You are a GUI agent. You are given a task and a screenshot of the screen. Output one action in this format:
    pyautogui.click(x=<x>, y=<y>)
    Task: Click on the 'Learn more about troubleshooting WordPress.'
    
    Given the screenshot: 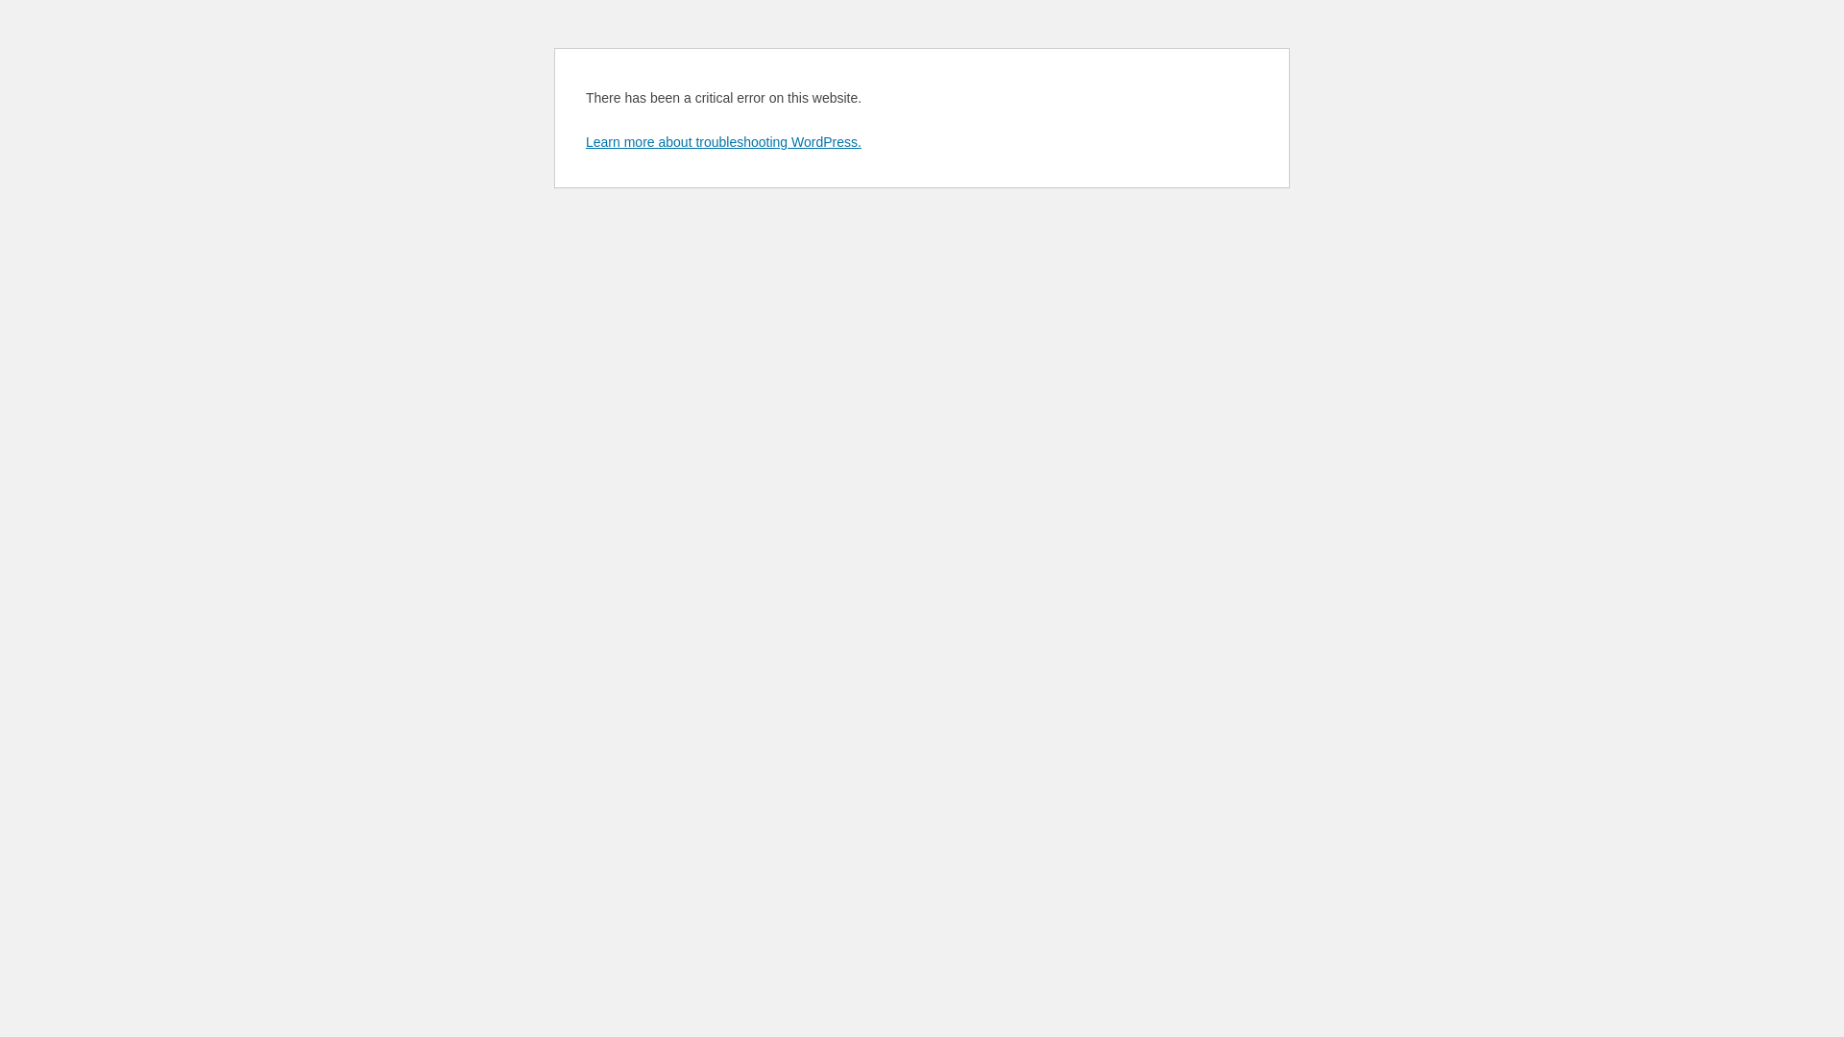 What is the action you would take?
    pyautogui.click(x=722, y=140)
    